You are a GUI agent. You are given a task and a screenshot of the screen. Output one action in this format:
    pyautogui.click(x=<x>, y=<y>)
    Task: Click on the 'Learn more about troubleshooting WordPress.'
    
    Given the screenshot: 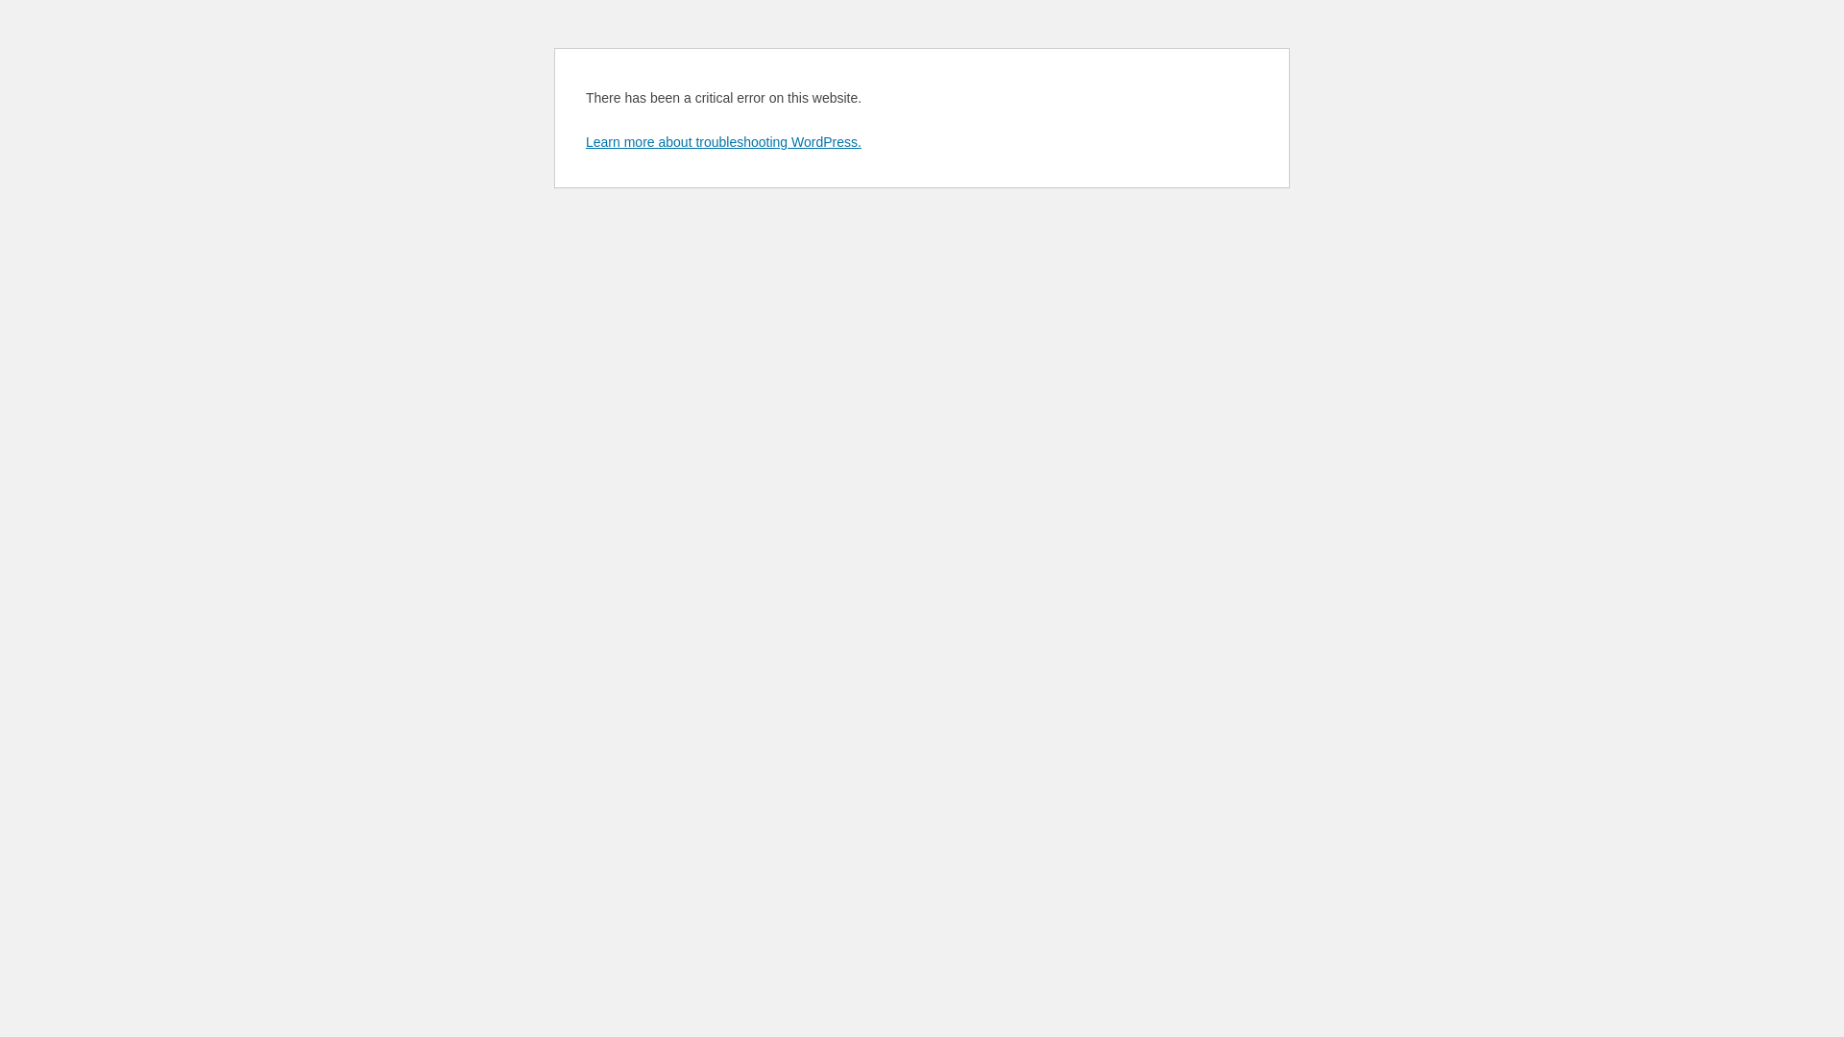 What is the action you would take?
    pyautogui.click(x=722, y=140)
    